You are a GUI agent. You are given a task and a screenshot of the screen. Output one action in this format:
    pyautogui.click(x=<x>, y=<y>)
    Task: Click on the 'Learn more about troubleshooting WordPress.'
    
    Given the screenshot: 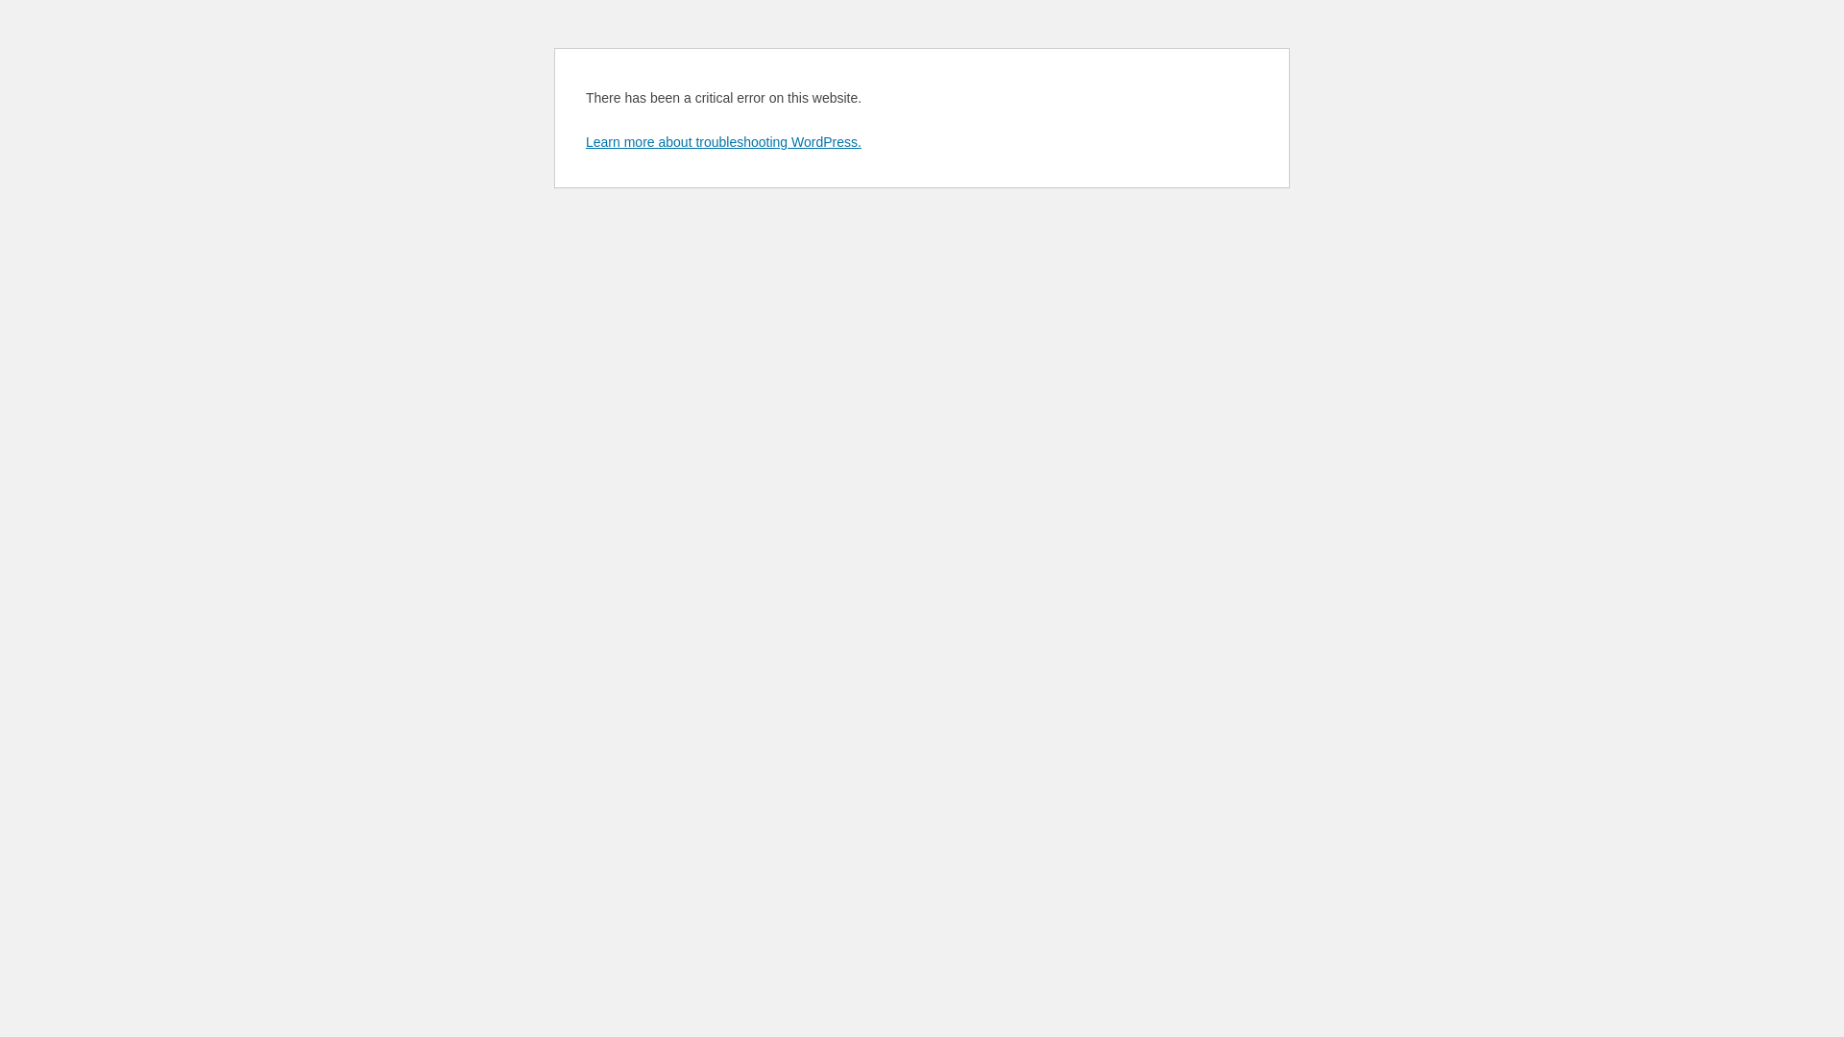 What is the action you would take?
    pyautogui.click(x=722, y=140)
    